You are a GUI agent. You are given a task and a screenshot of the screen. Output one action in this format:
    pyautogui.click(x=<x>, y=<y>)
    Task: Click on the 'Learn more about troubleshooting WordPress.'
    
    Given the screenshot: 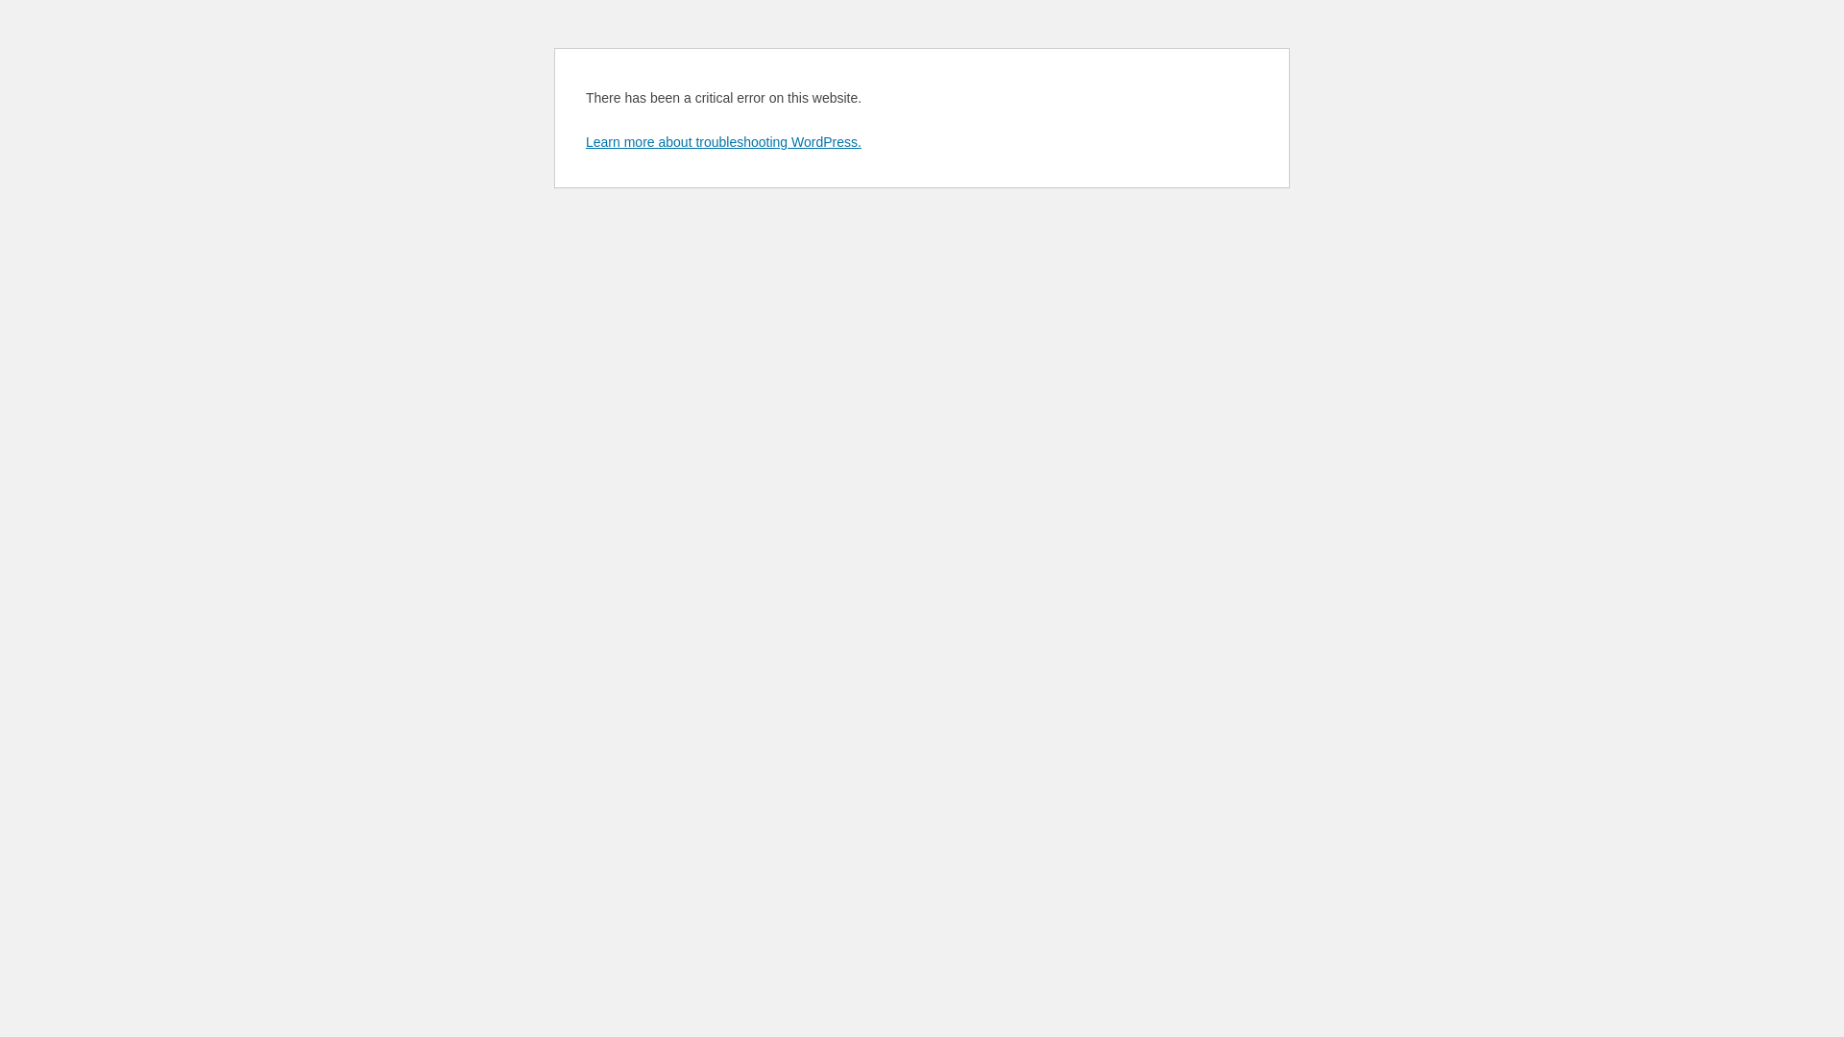 What is the action you would take?
    pyautogui.click(x=722, y=140)
    